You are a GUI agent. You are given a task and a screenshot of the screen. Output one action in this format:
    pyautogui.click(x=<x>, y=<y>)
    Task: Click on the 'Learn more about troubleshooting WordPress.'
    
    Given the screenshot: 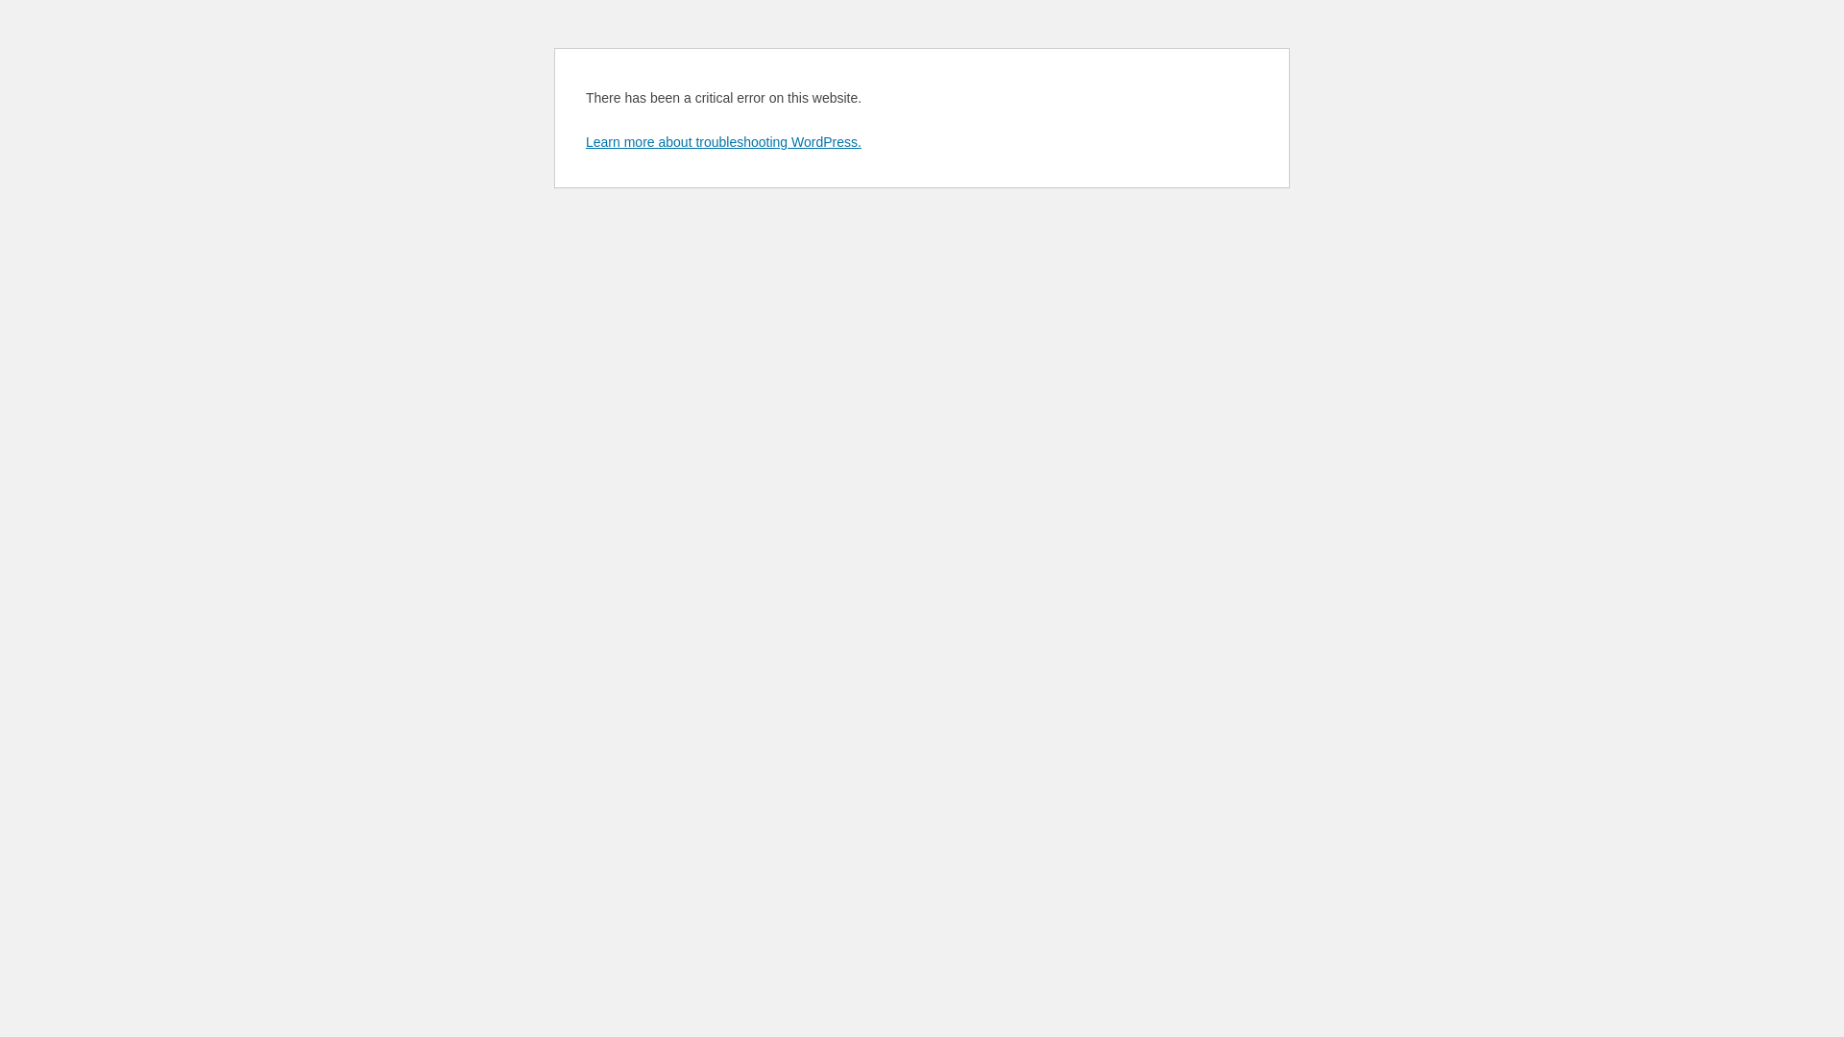 What is the action you would take?
    pyautogui.click(x=722, y=140)
    